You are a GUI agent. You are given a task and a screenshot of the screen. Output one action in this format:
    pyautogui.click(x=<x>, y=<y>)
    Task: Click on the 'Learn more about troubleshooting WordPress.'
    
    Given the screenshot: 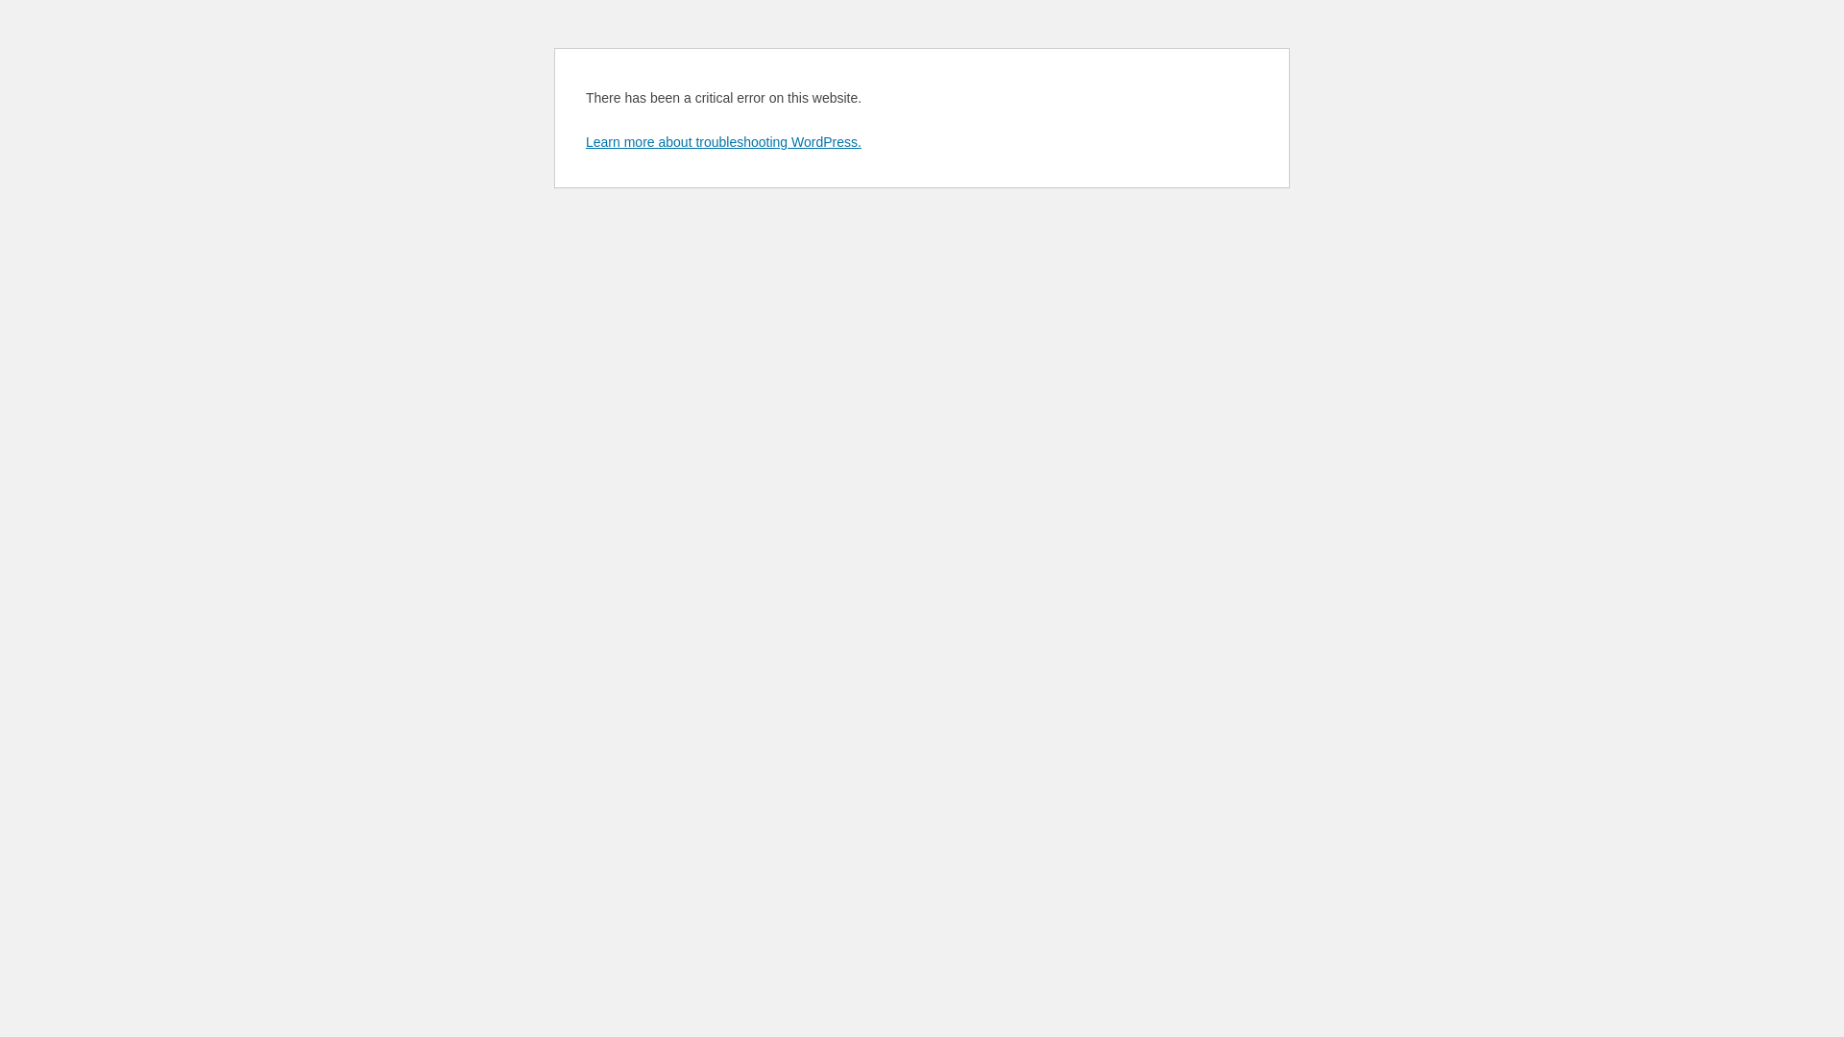 What is the action you would take?
    pyautogui.click(x=722, y=140)
    